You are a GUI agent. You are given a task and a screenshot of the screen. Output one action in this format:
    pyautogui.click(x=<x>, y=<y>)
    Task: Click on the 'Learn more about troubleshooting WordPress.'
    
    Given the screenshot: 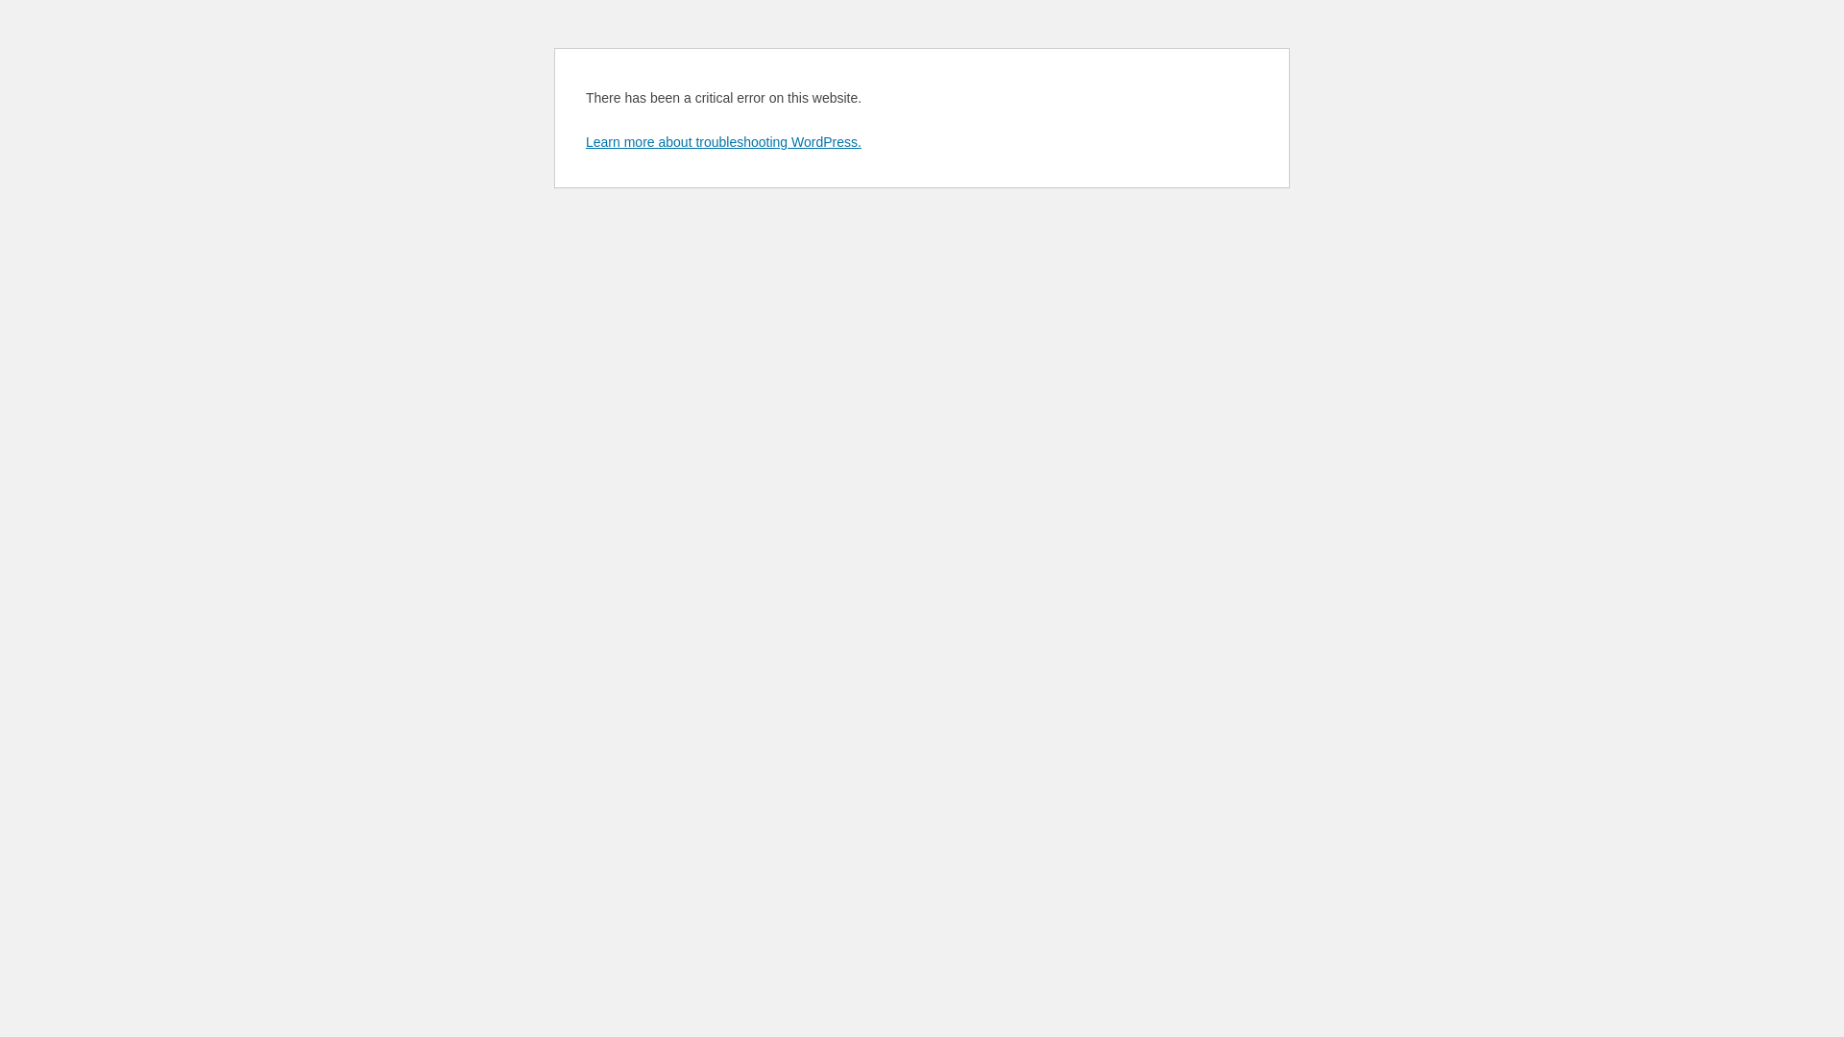 What is the action you would take?
    pyautogui.click(x=722, y=140)
    